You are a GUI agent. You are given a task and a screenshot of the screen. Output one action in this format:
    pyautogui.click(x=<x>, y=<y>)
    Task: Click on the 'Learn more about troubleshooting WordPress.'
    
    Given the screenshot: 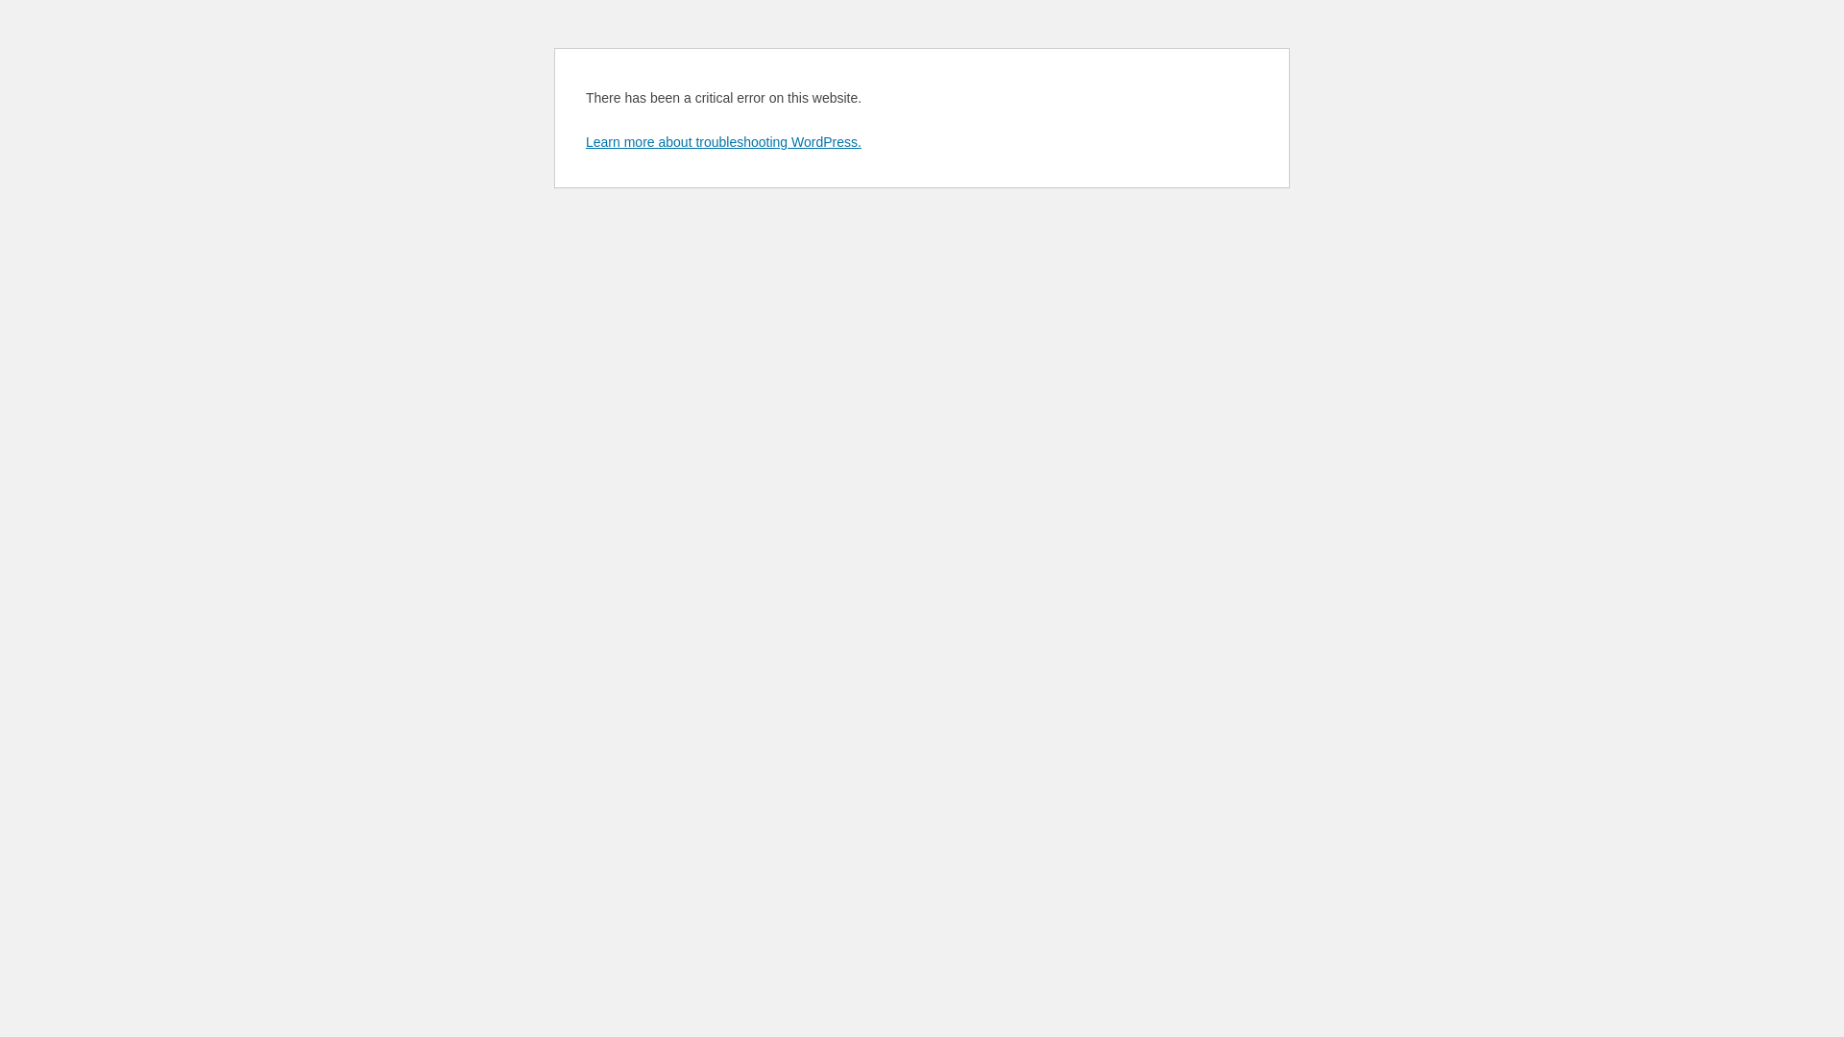 What is the action you would take?
    pyautogui.click(x=722, y=140)
    